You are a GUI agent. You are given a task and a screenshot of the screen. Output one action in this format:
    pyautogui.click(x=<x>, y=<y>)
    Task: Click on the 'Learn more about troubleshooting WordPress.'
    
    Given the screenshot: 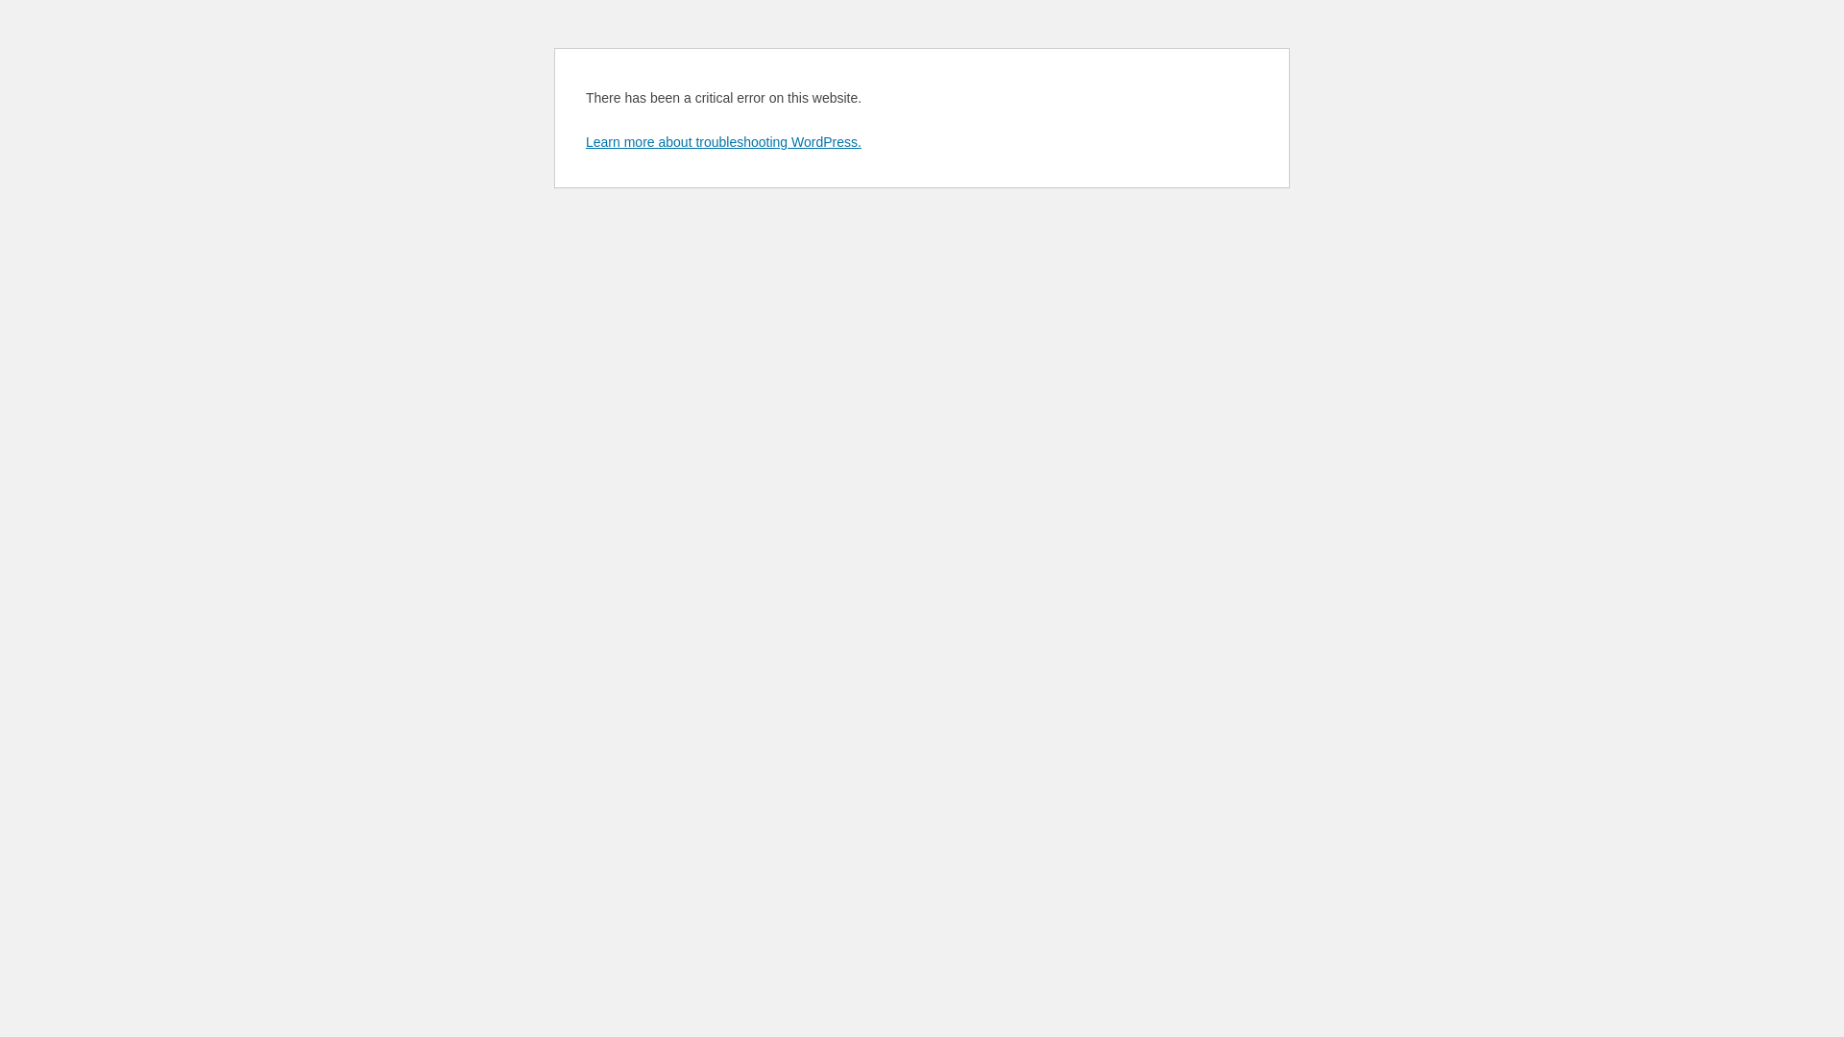 What is the action you would take?
    pyautogui.click(x=722, y=140)
    